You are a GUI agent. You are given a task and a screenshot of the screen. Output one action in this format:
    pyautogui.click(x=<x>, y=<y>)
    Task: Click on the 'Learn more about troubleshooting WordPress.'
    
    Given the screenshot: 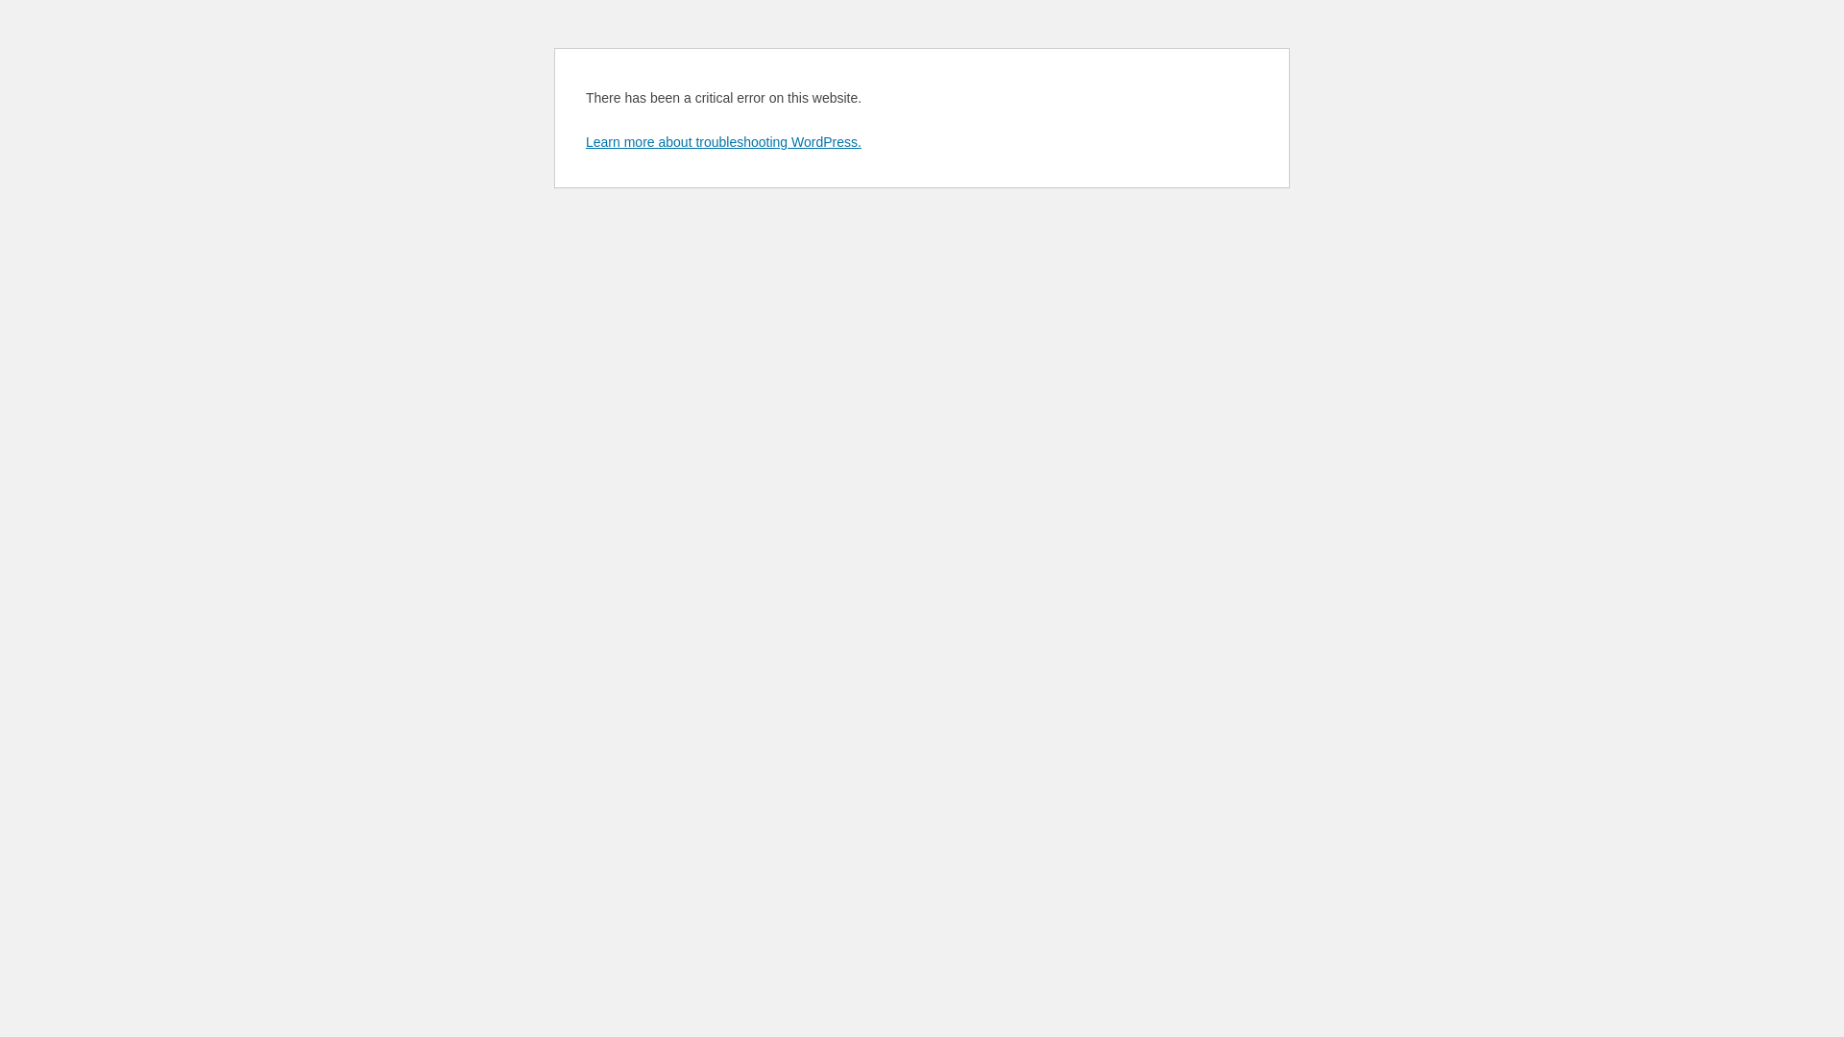 What is the action you would take?
    pyautogui.click(x=722, y=140)
    